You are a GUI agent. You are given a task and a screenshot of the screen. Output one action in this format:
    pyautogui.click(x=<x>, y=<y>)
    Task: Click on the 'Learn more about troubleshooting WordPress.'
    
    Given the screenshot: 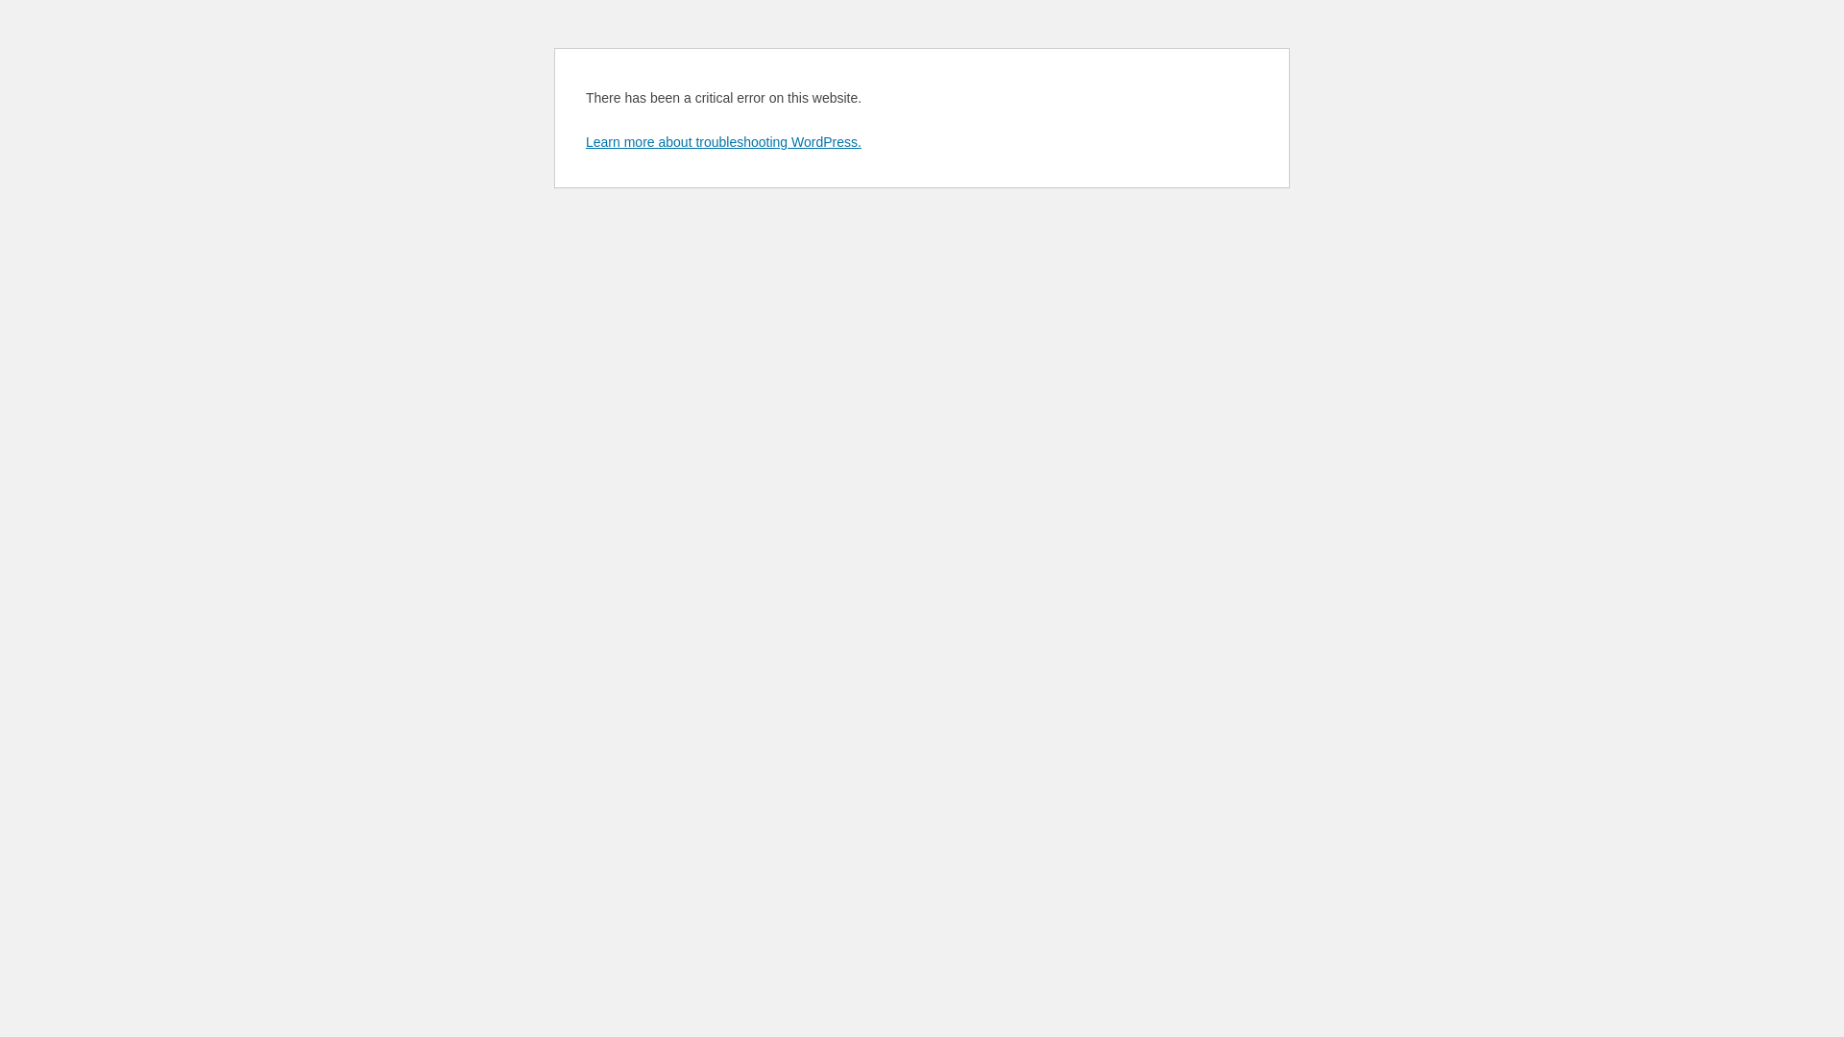 What is the action you would take?
    pyautogui.click(x=722, y=140)
    